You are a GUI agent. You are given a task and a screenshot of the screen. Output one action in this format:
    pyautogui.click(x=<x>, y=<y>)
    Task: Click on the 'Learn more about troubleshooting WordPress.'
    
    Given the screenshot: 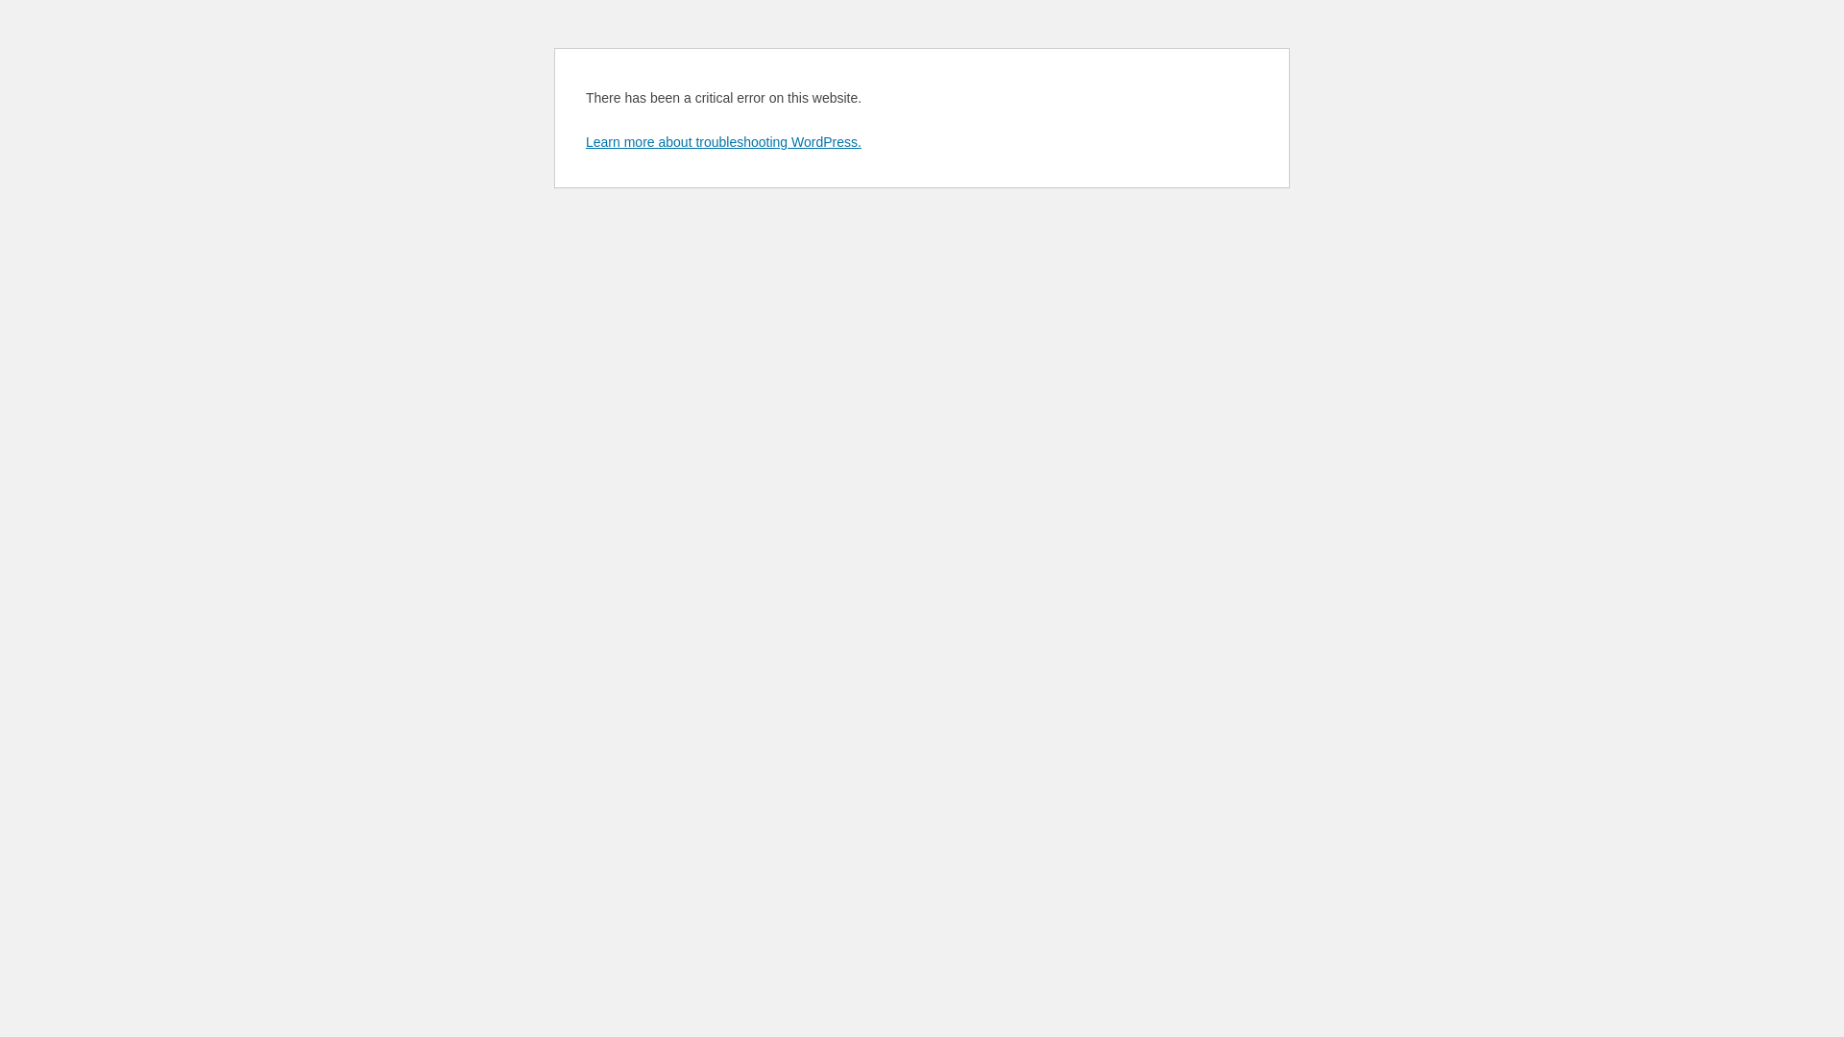 What is the action you would take?
    pyautogui.click(x=722, y=140)
    